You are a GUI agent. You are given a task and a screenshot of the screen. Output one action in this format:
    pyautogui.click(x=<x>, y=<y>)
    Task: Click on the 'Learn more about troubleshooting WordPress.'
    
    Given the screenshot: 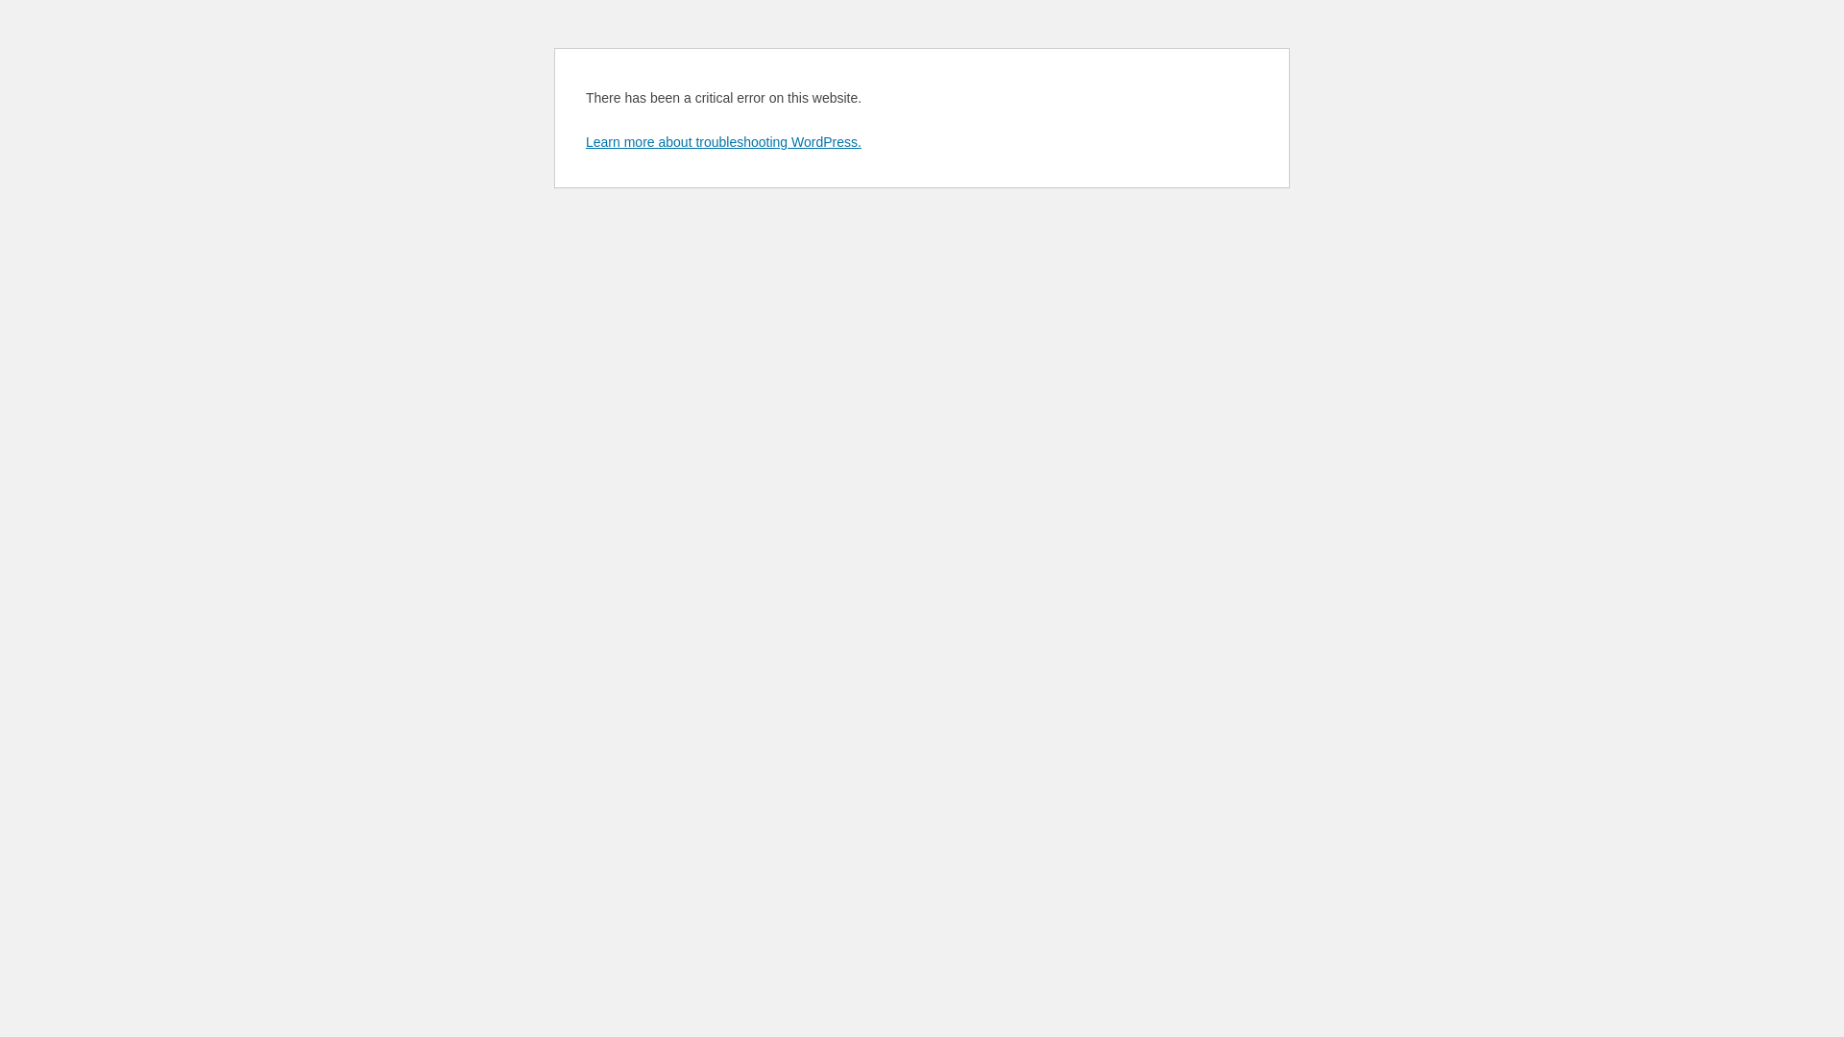 What is the action you would take?
    pyautogui.click(x=722, y=140)
    